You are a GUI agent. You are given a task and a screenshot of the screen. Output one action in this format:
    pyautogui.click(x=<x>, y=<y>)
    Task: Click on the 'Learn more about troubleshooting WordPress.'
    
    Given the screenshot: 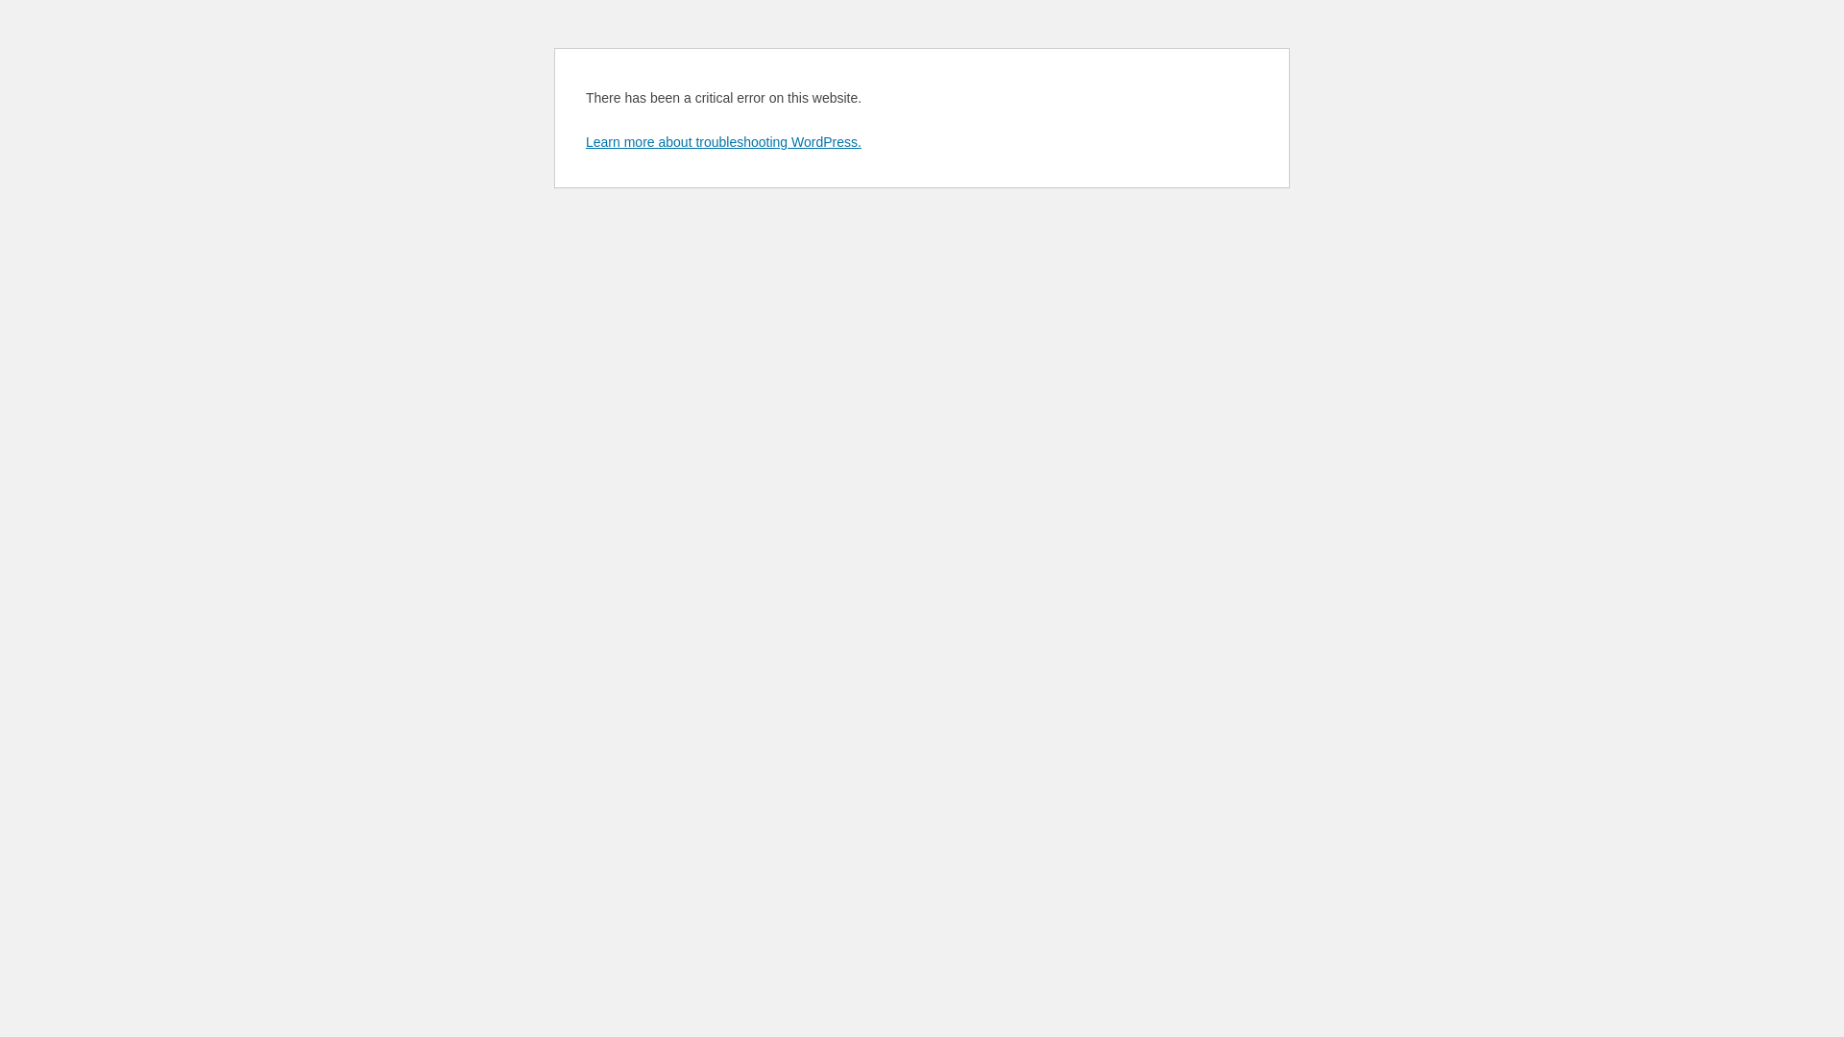 What is the action you would take?
    pyautogui.click(x=722, y=140)
    